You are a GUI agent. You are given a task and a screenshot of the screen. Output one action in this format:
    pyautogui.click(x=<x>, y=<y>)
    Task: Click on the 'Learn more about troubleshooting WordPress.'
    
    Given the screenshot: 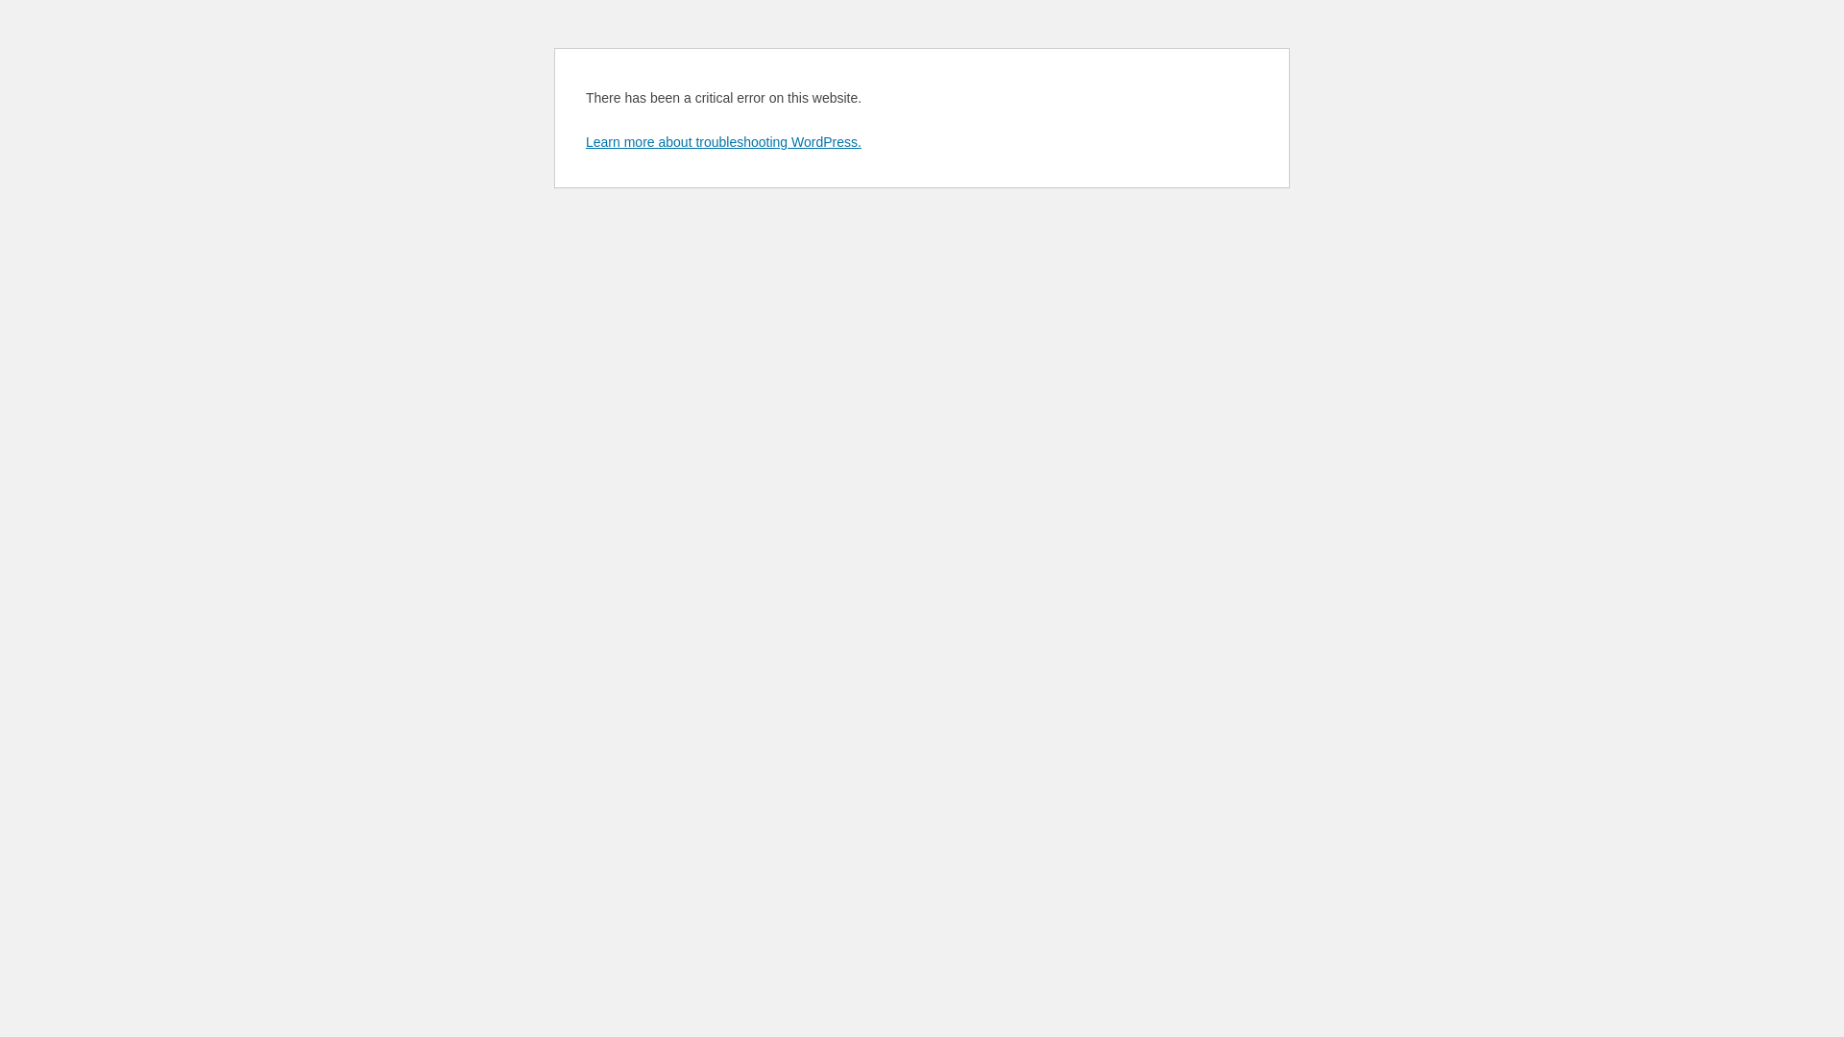 What is the action you would take?
    pyautogui.click(x=722, y=140)
    